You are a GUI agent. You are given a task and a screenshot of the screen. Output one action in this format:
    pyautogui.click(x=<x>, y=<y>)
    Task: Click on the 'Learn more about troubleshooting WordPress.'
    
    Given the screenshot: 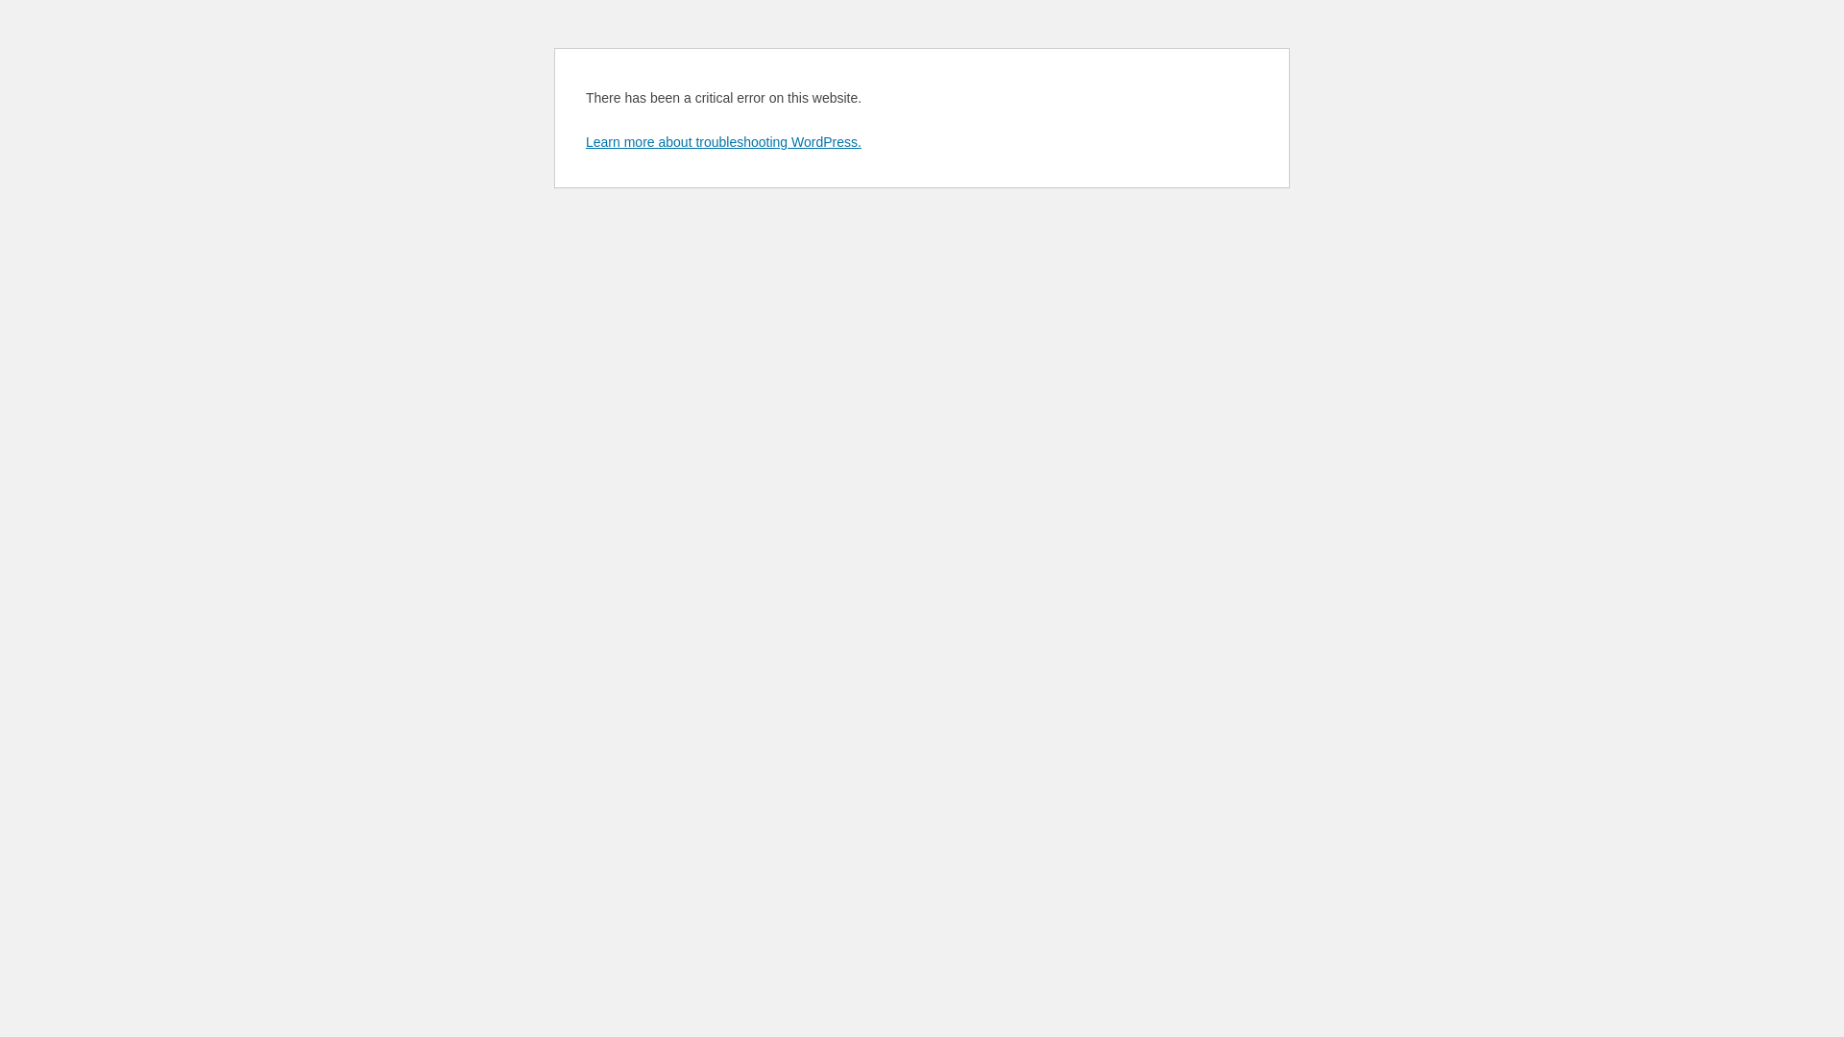 What is the action you would take?
    pyautogui.click(x=722, y=140)
    